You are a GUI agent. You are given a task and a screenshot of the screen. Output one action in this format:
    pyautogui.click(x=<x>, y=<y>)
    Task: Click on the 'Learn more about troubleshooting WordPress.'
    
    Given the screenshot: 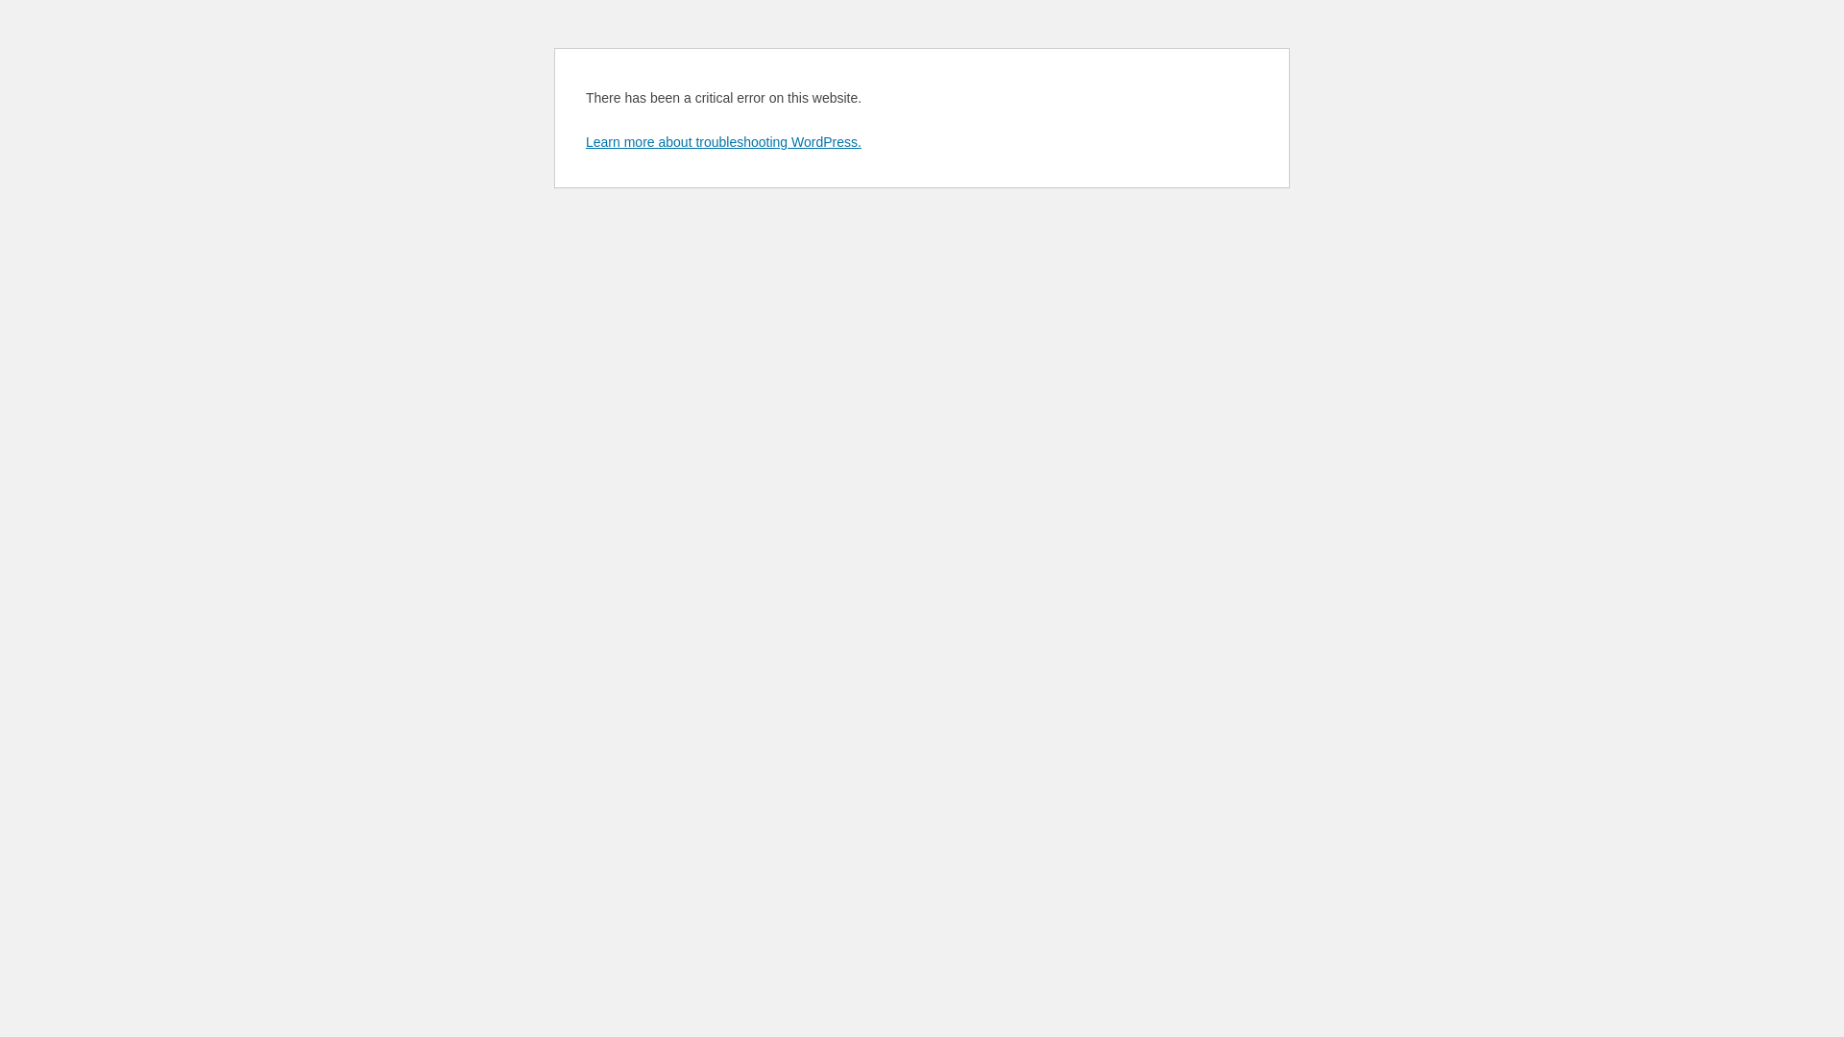 What is the action you would take?
    pyautogui.click(x=722, y=140)
    